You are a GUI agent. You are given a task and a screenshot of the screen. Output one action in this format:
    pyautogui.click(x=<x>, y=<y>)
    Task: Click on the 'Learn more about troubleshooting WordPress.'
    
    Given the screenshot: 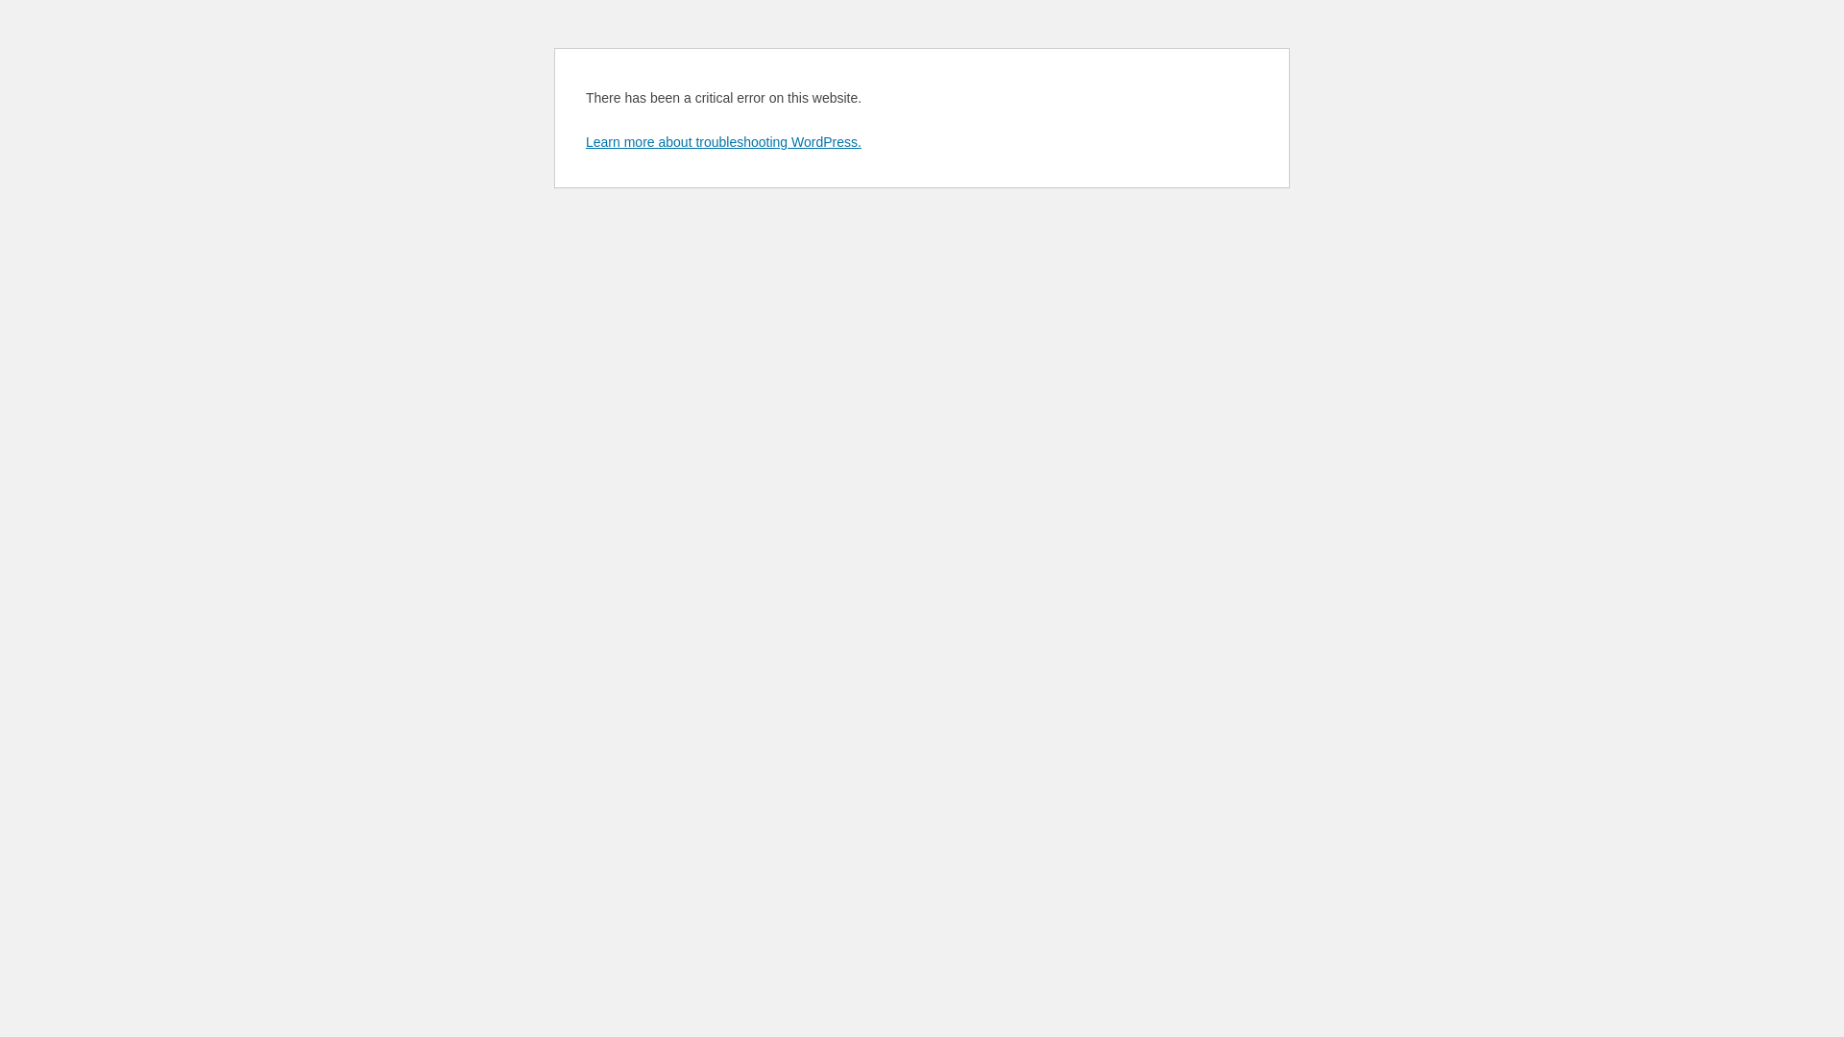 What is the action you would take?
    pyautogui.click(x=722, y=140)
    